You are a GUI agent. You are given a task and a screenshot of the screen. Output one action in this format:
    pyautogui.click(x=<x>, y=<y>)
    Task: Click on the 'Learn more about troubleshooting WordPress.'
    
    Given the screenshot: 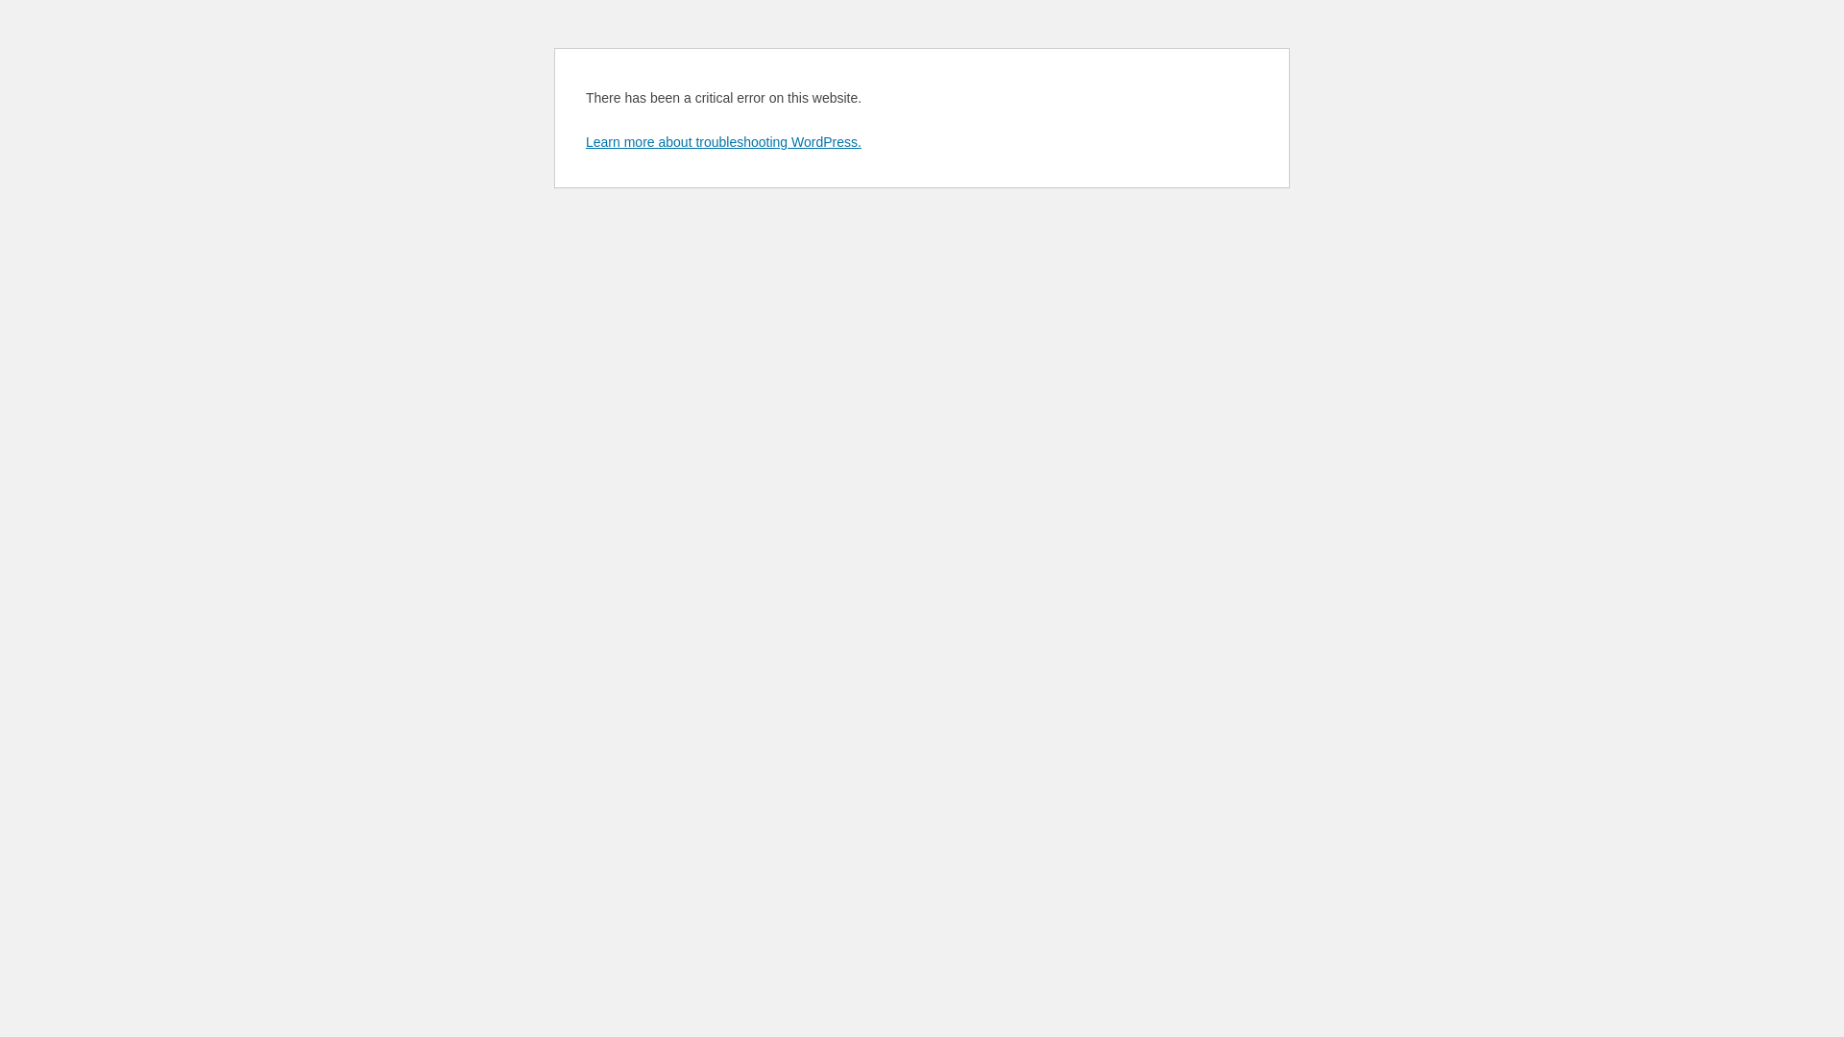 What is the action you would take?
    pyautogui.click(x=722, y=140)
    